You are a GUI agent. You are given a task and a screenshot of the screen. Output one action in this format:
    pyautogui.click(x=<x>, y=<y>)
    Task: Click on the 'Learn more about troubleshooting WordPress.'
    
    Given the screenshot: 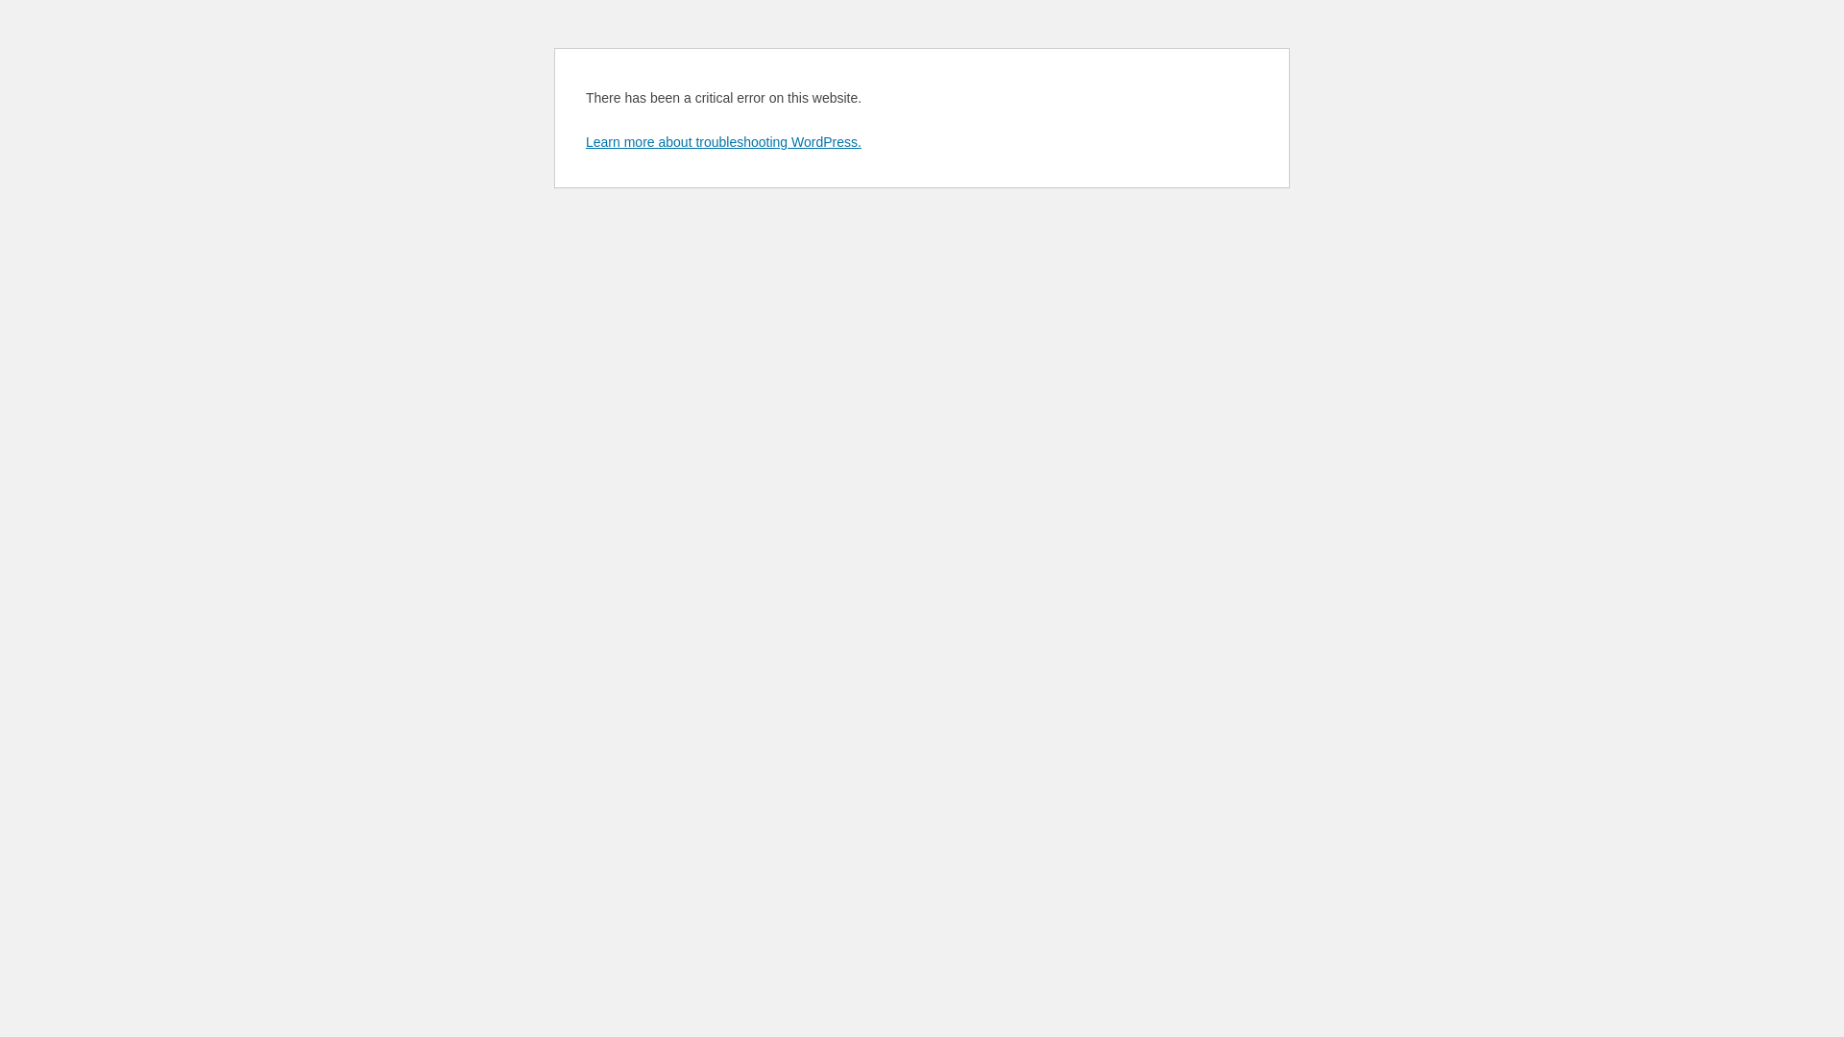 What is the action you would take?
    pyautogui.click(x=722, y=140)
    